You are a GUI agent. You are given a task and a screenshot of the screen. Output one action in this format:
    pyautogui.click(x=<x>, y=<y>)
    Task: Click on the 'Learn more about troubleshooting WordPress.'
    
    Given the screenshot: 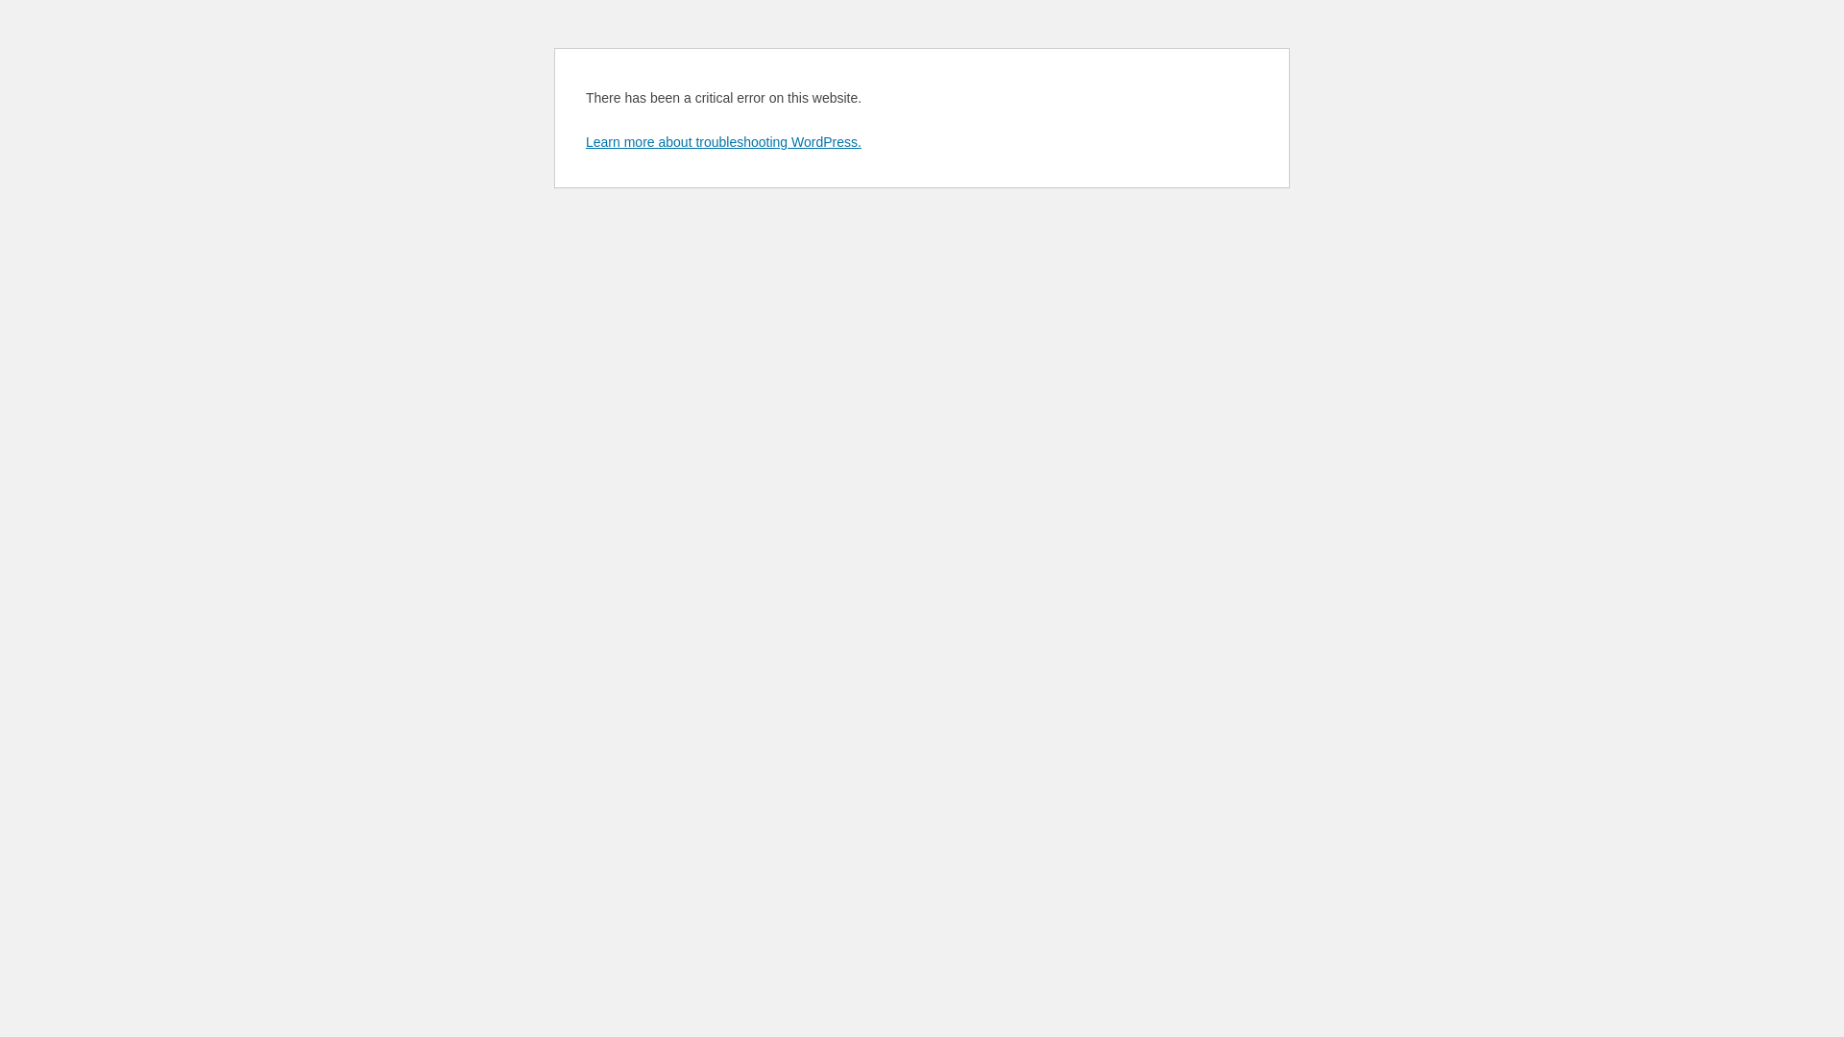 What is the action you would take?
    pyautogui.click(x=722, y=140)
    